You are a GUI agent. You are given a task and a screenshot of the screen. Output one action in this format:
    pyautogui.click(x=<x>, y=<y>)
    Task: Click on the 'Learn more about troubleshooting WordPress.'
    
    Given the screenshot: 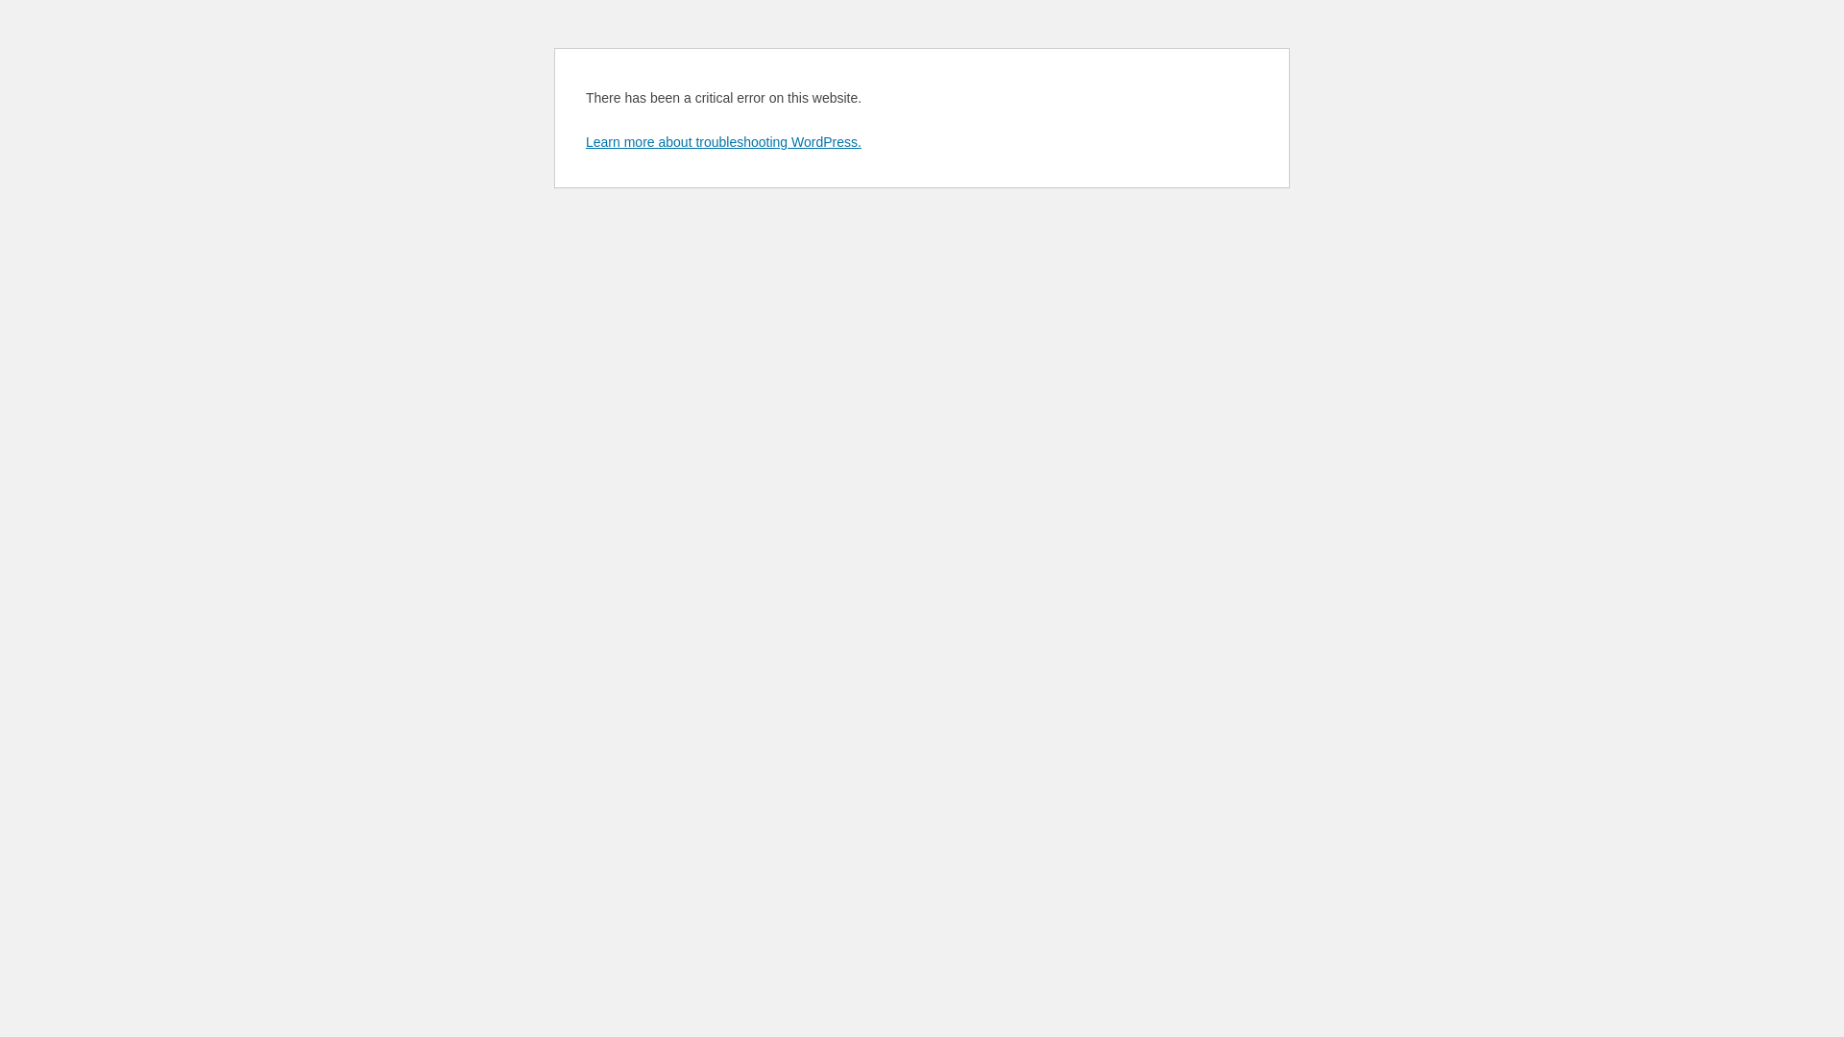 What is the action you would take?
    pyautogui.click(x=722, y=140)
    